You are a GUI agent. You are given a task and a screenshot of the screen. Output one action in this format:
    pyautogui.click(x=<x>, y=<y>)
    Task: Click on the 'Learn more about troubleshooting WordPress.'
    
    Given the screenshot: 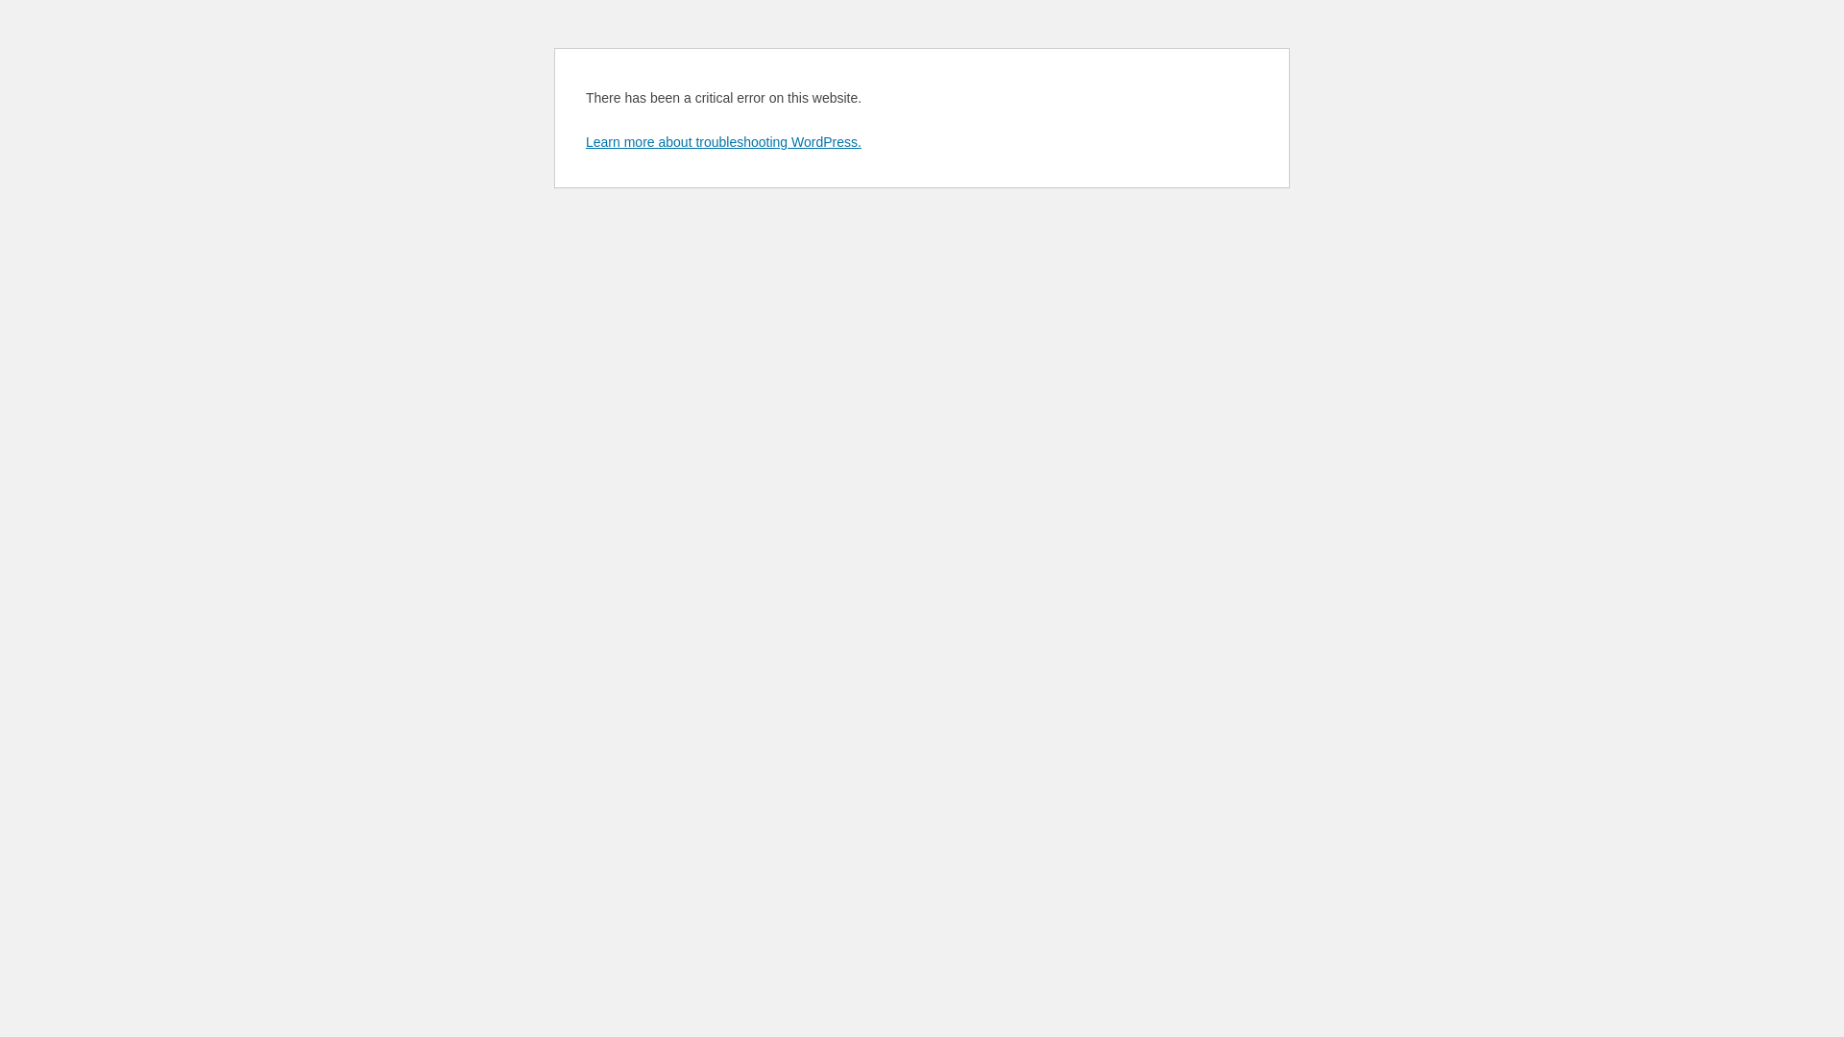 What is the action you would take?
    pyautogui.click(x=722, y=140)
    